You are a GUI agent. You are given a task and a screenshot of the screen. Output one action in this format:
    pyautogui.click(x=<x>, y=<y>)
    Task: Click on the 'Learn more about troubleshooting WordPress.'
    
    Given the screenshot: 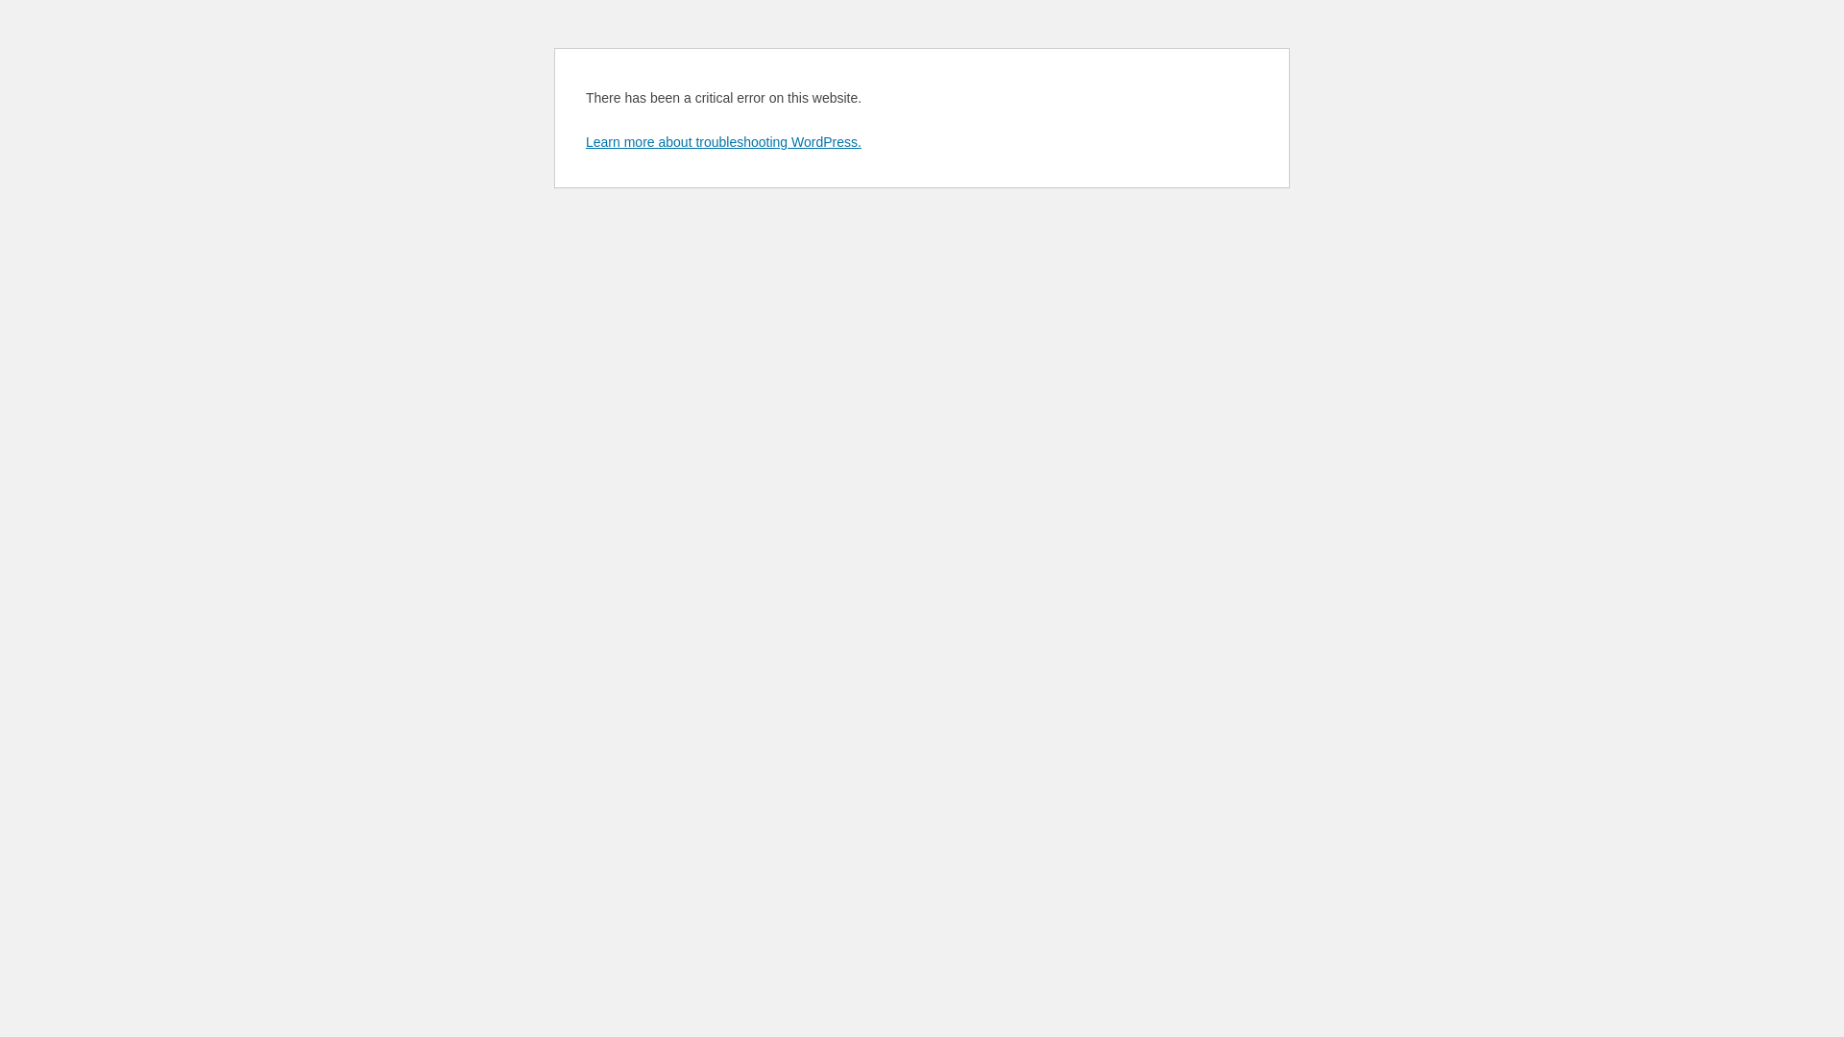 What is the action you would take?
    pyautogui.click(x=722, y=140)
    